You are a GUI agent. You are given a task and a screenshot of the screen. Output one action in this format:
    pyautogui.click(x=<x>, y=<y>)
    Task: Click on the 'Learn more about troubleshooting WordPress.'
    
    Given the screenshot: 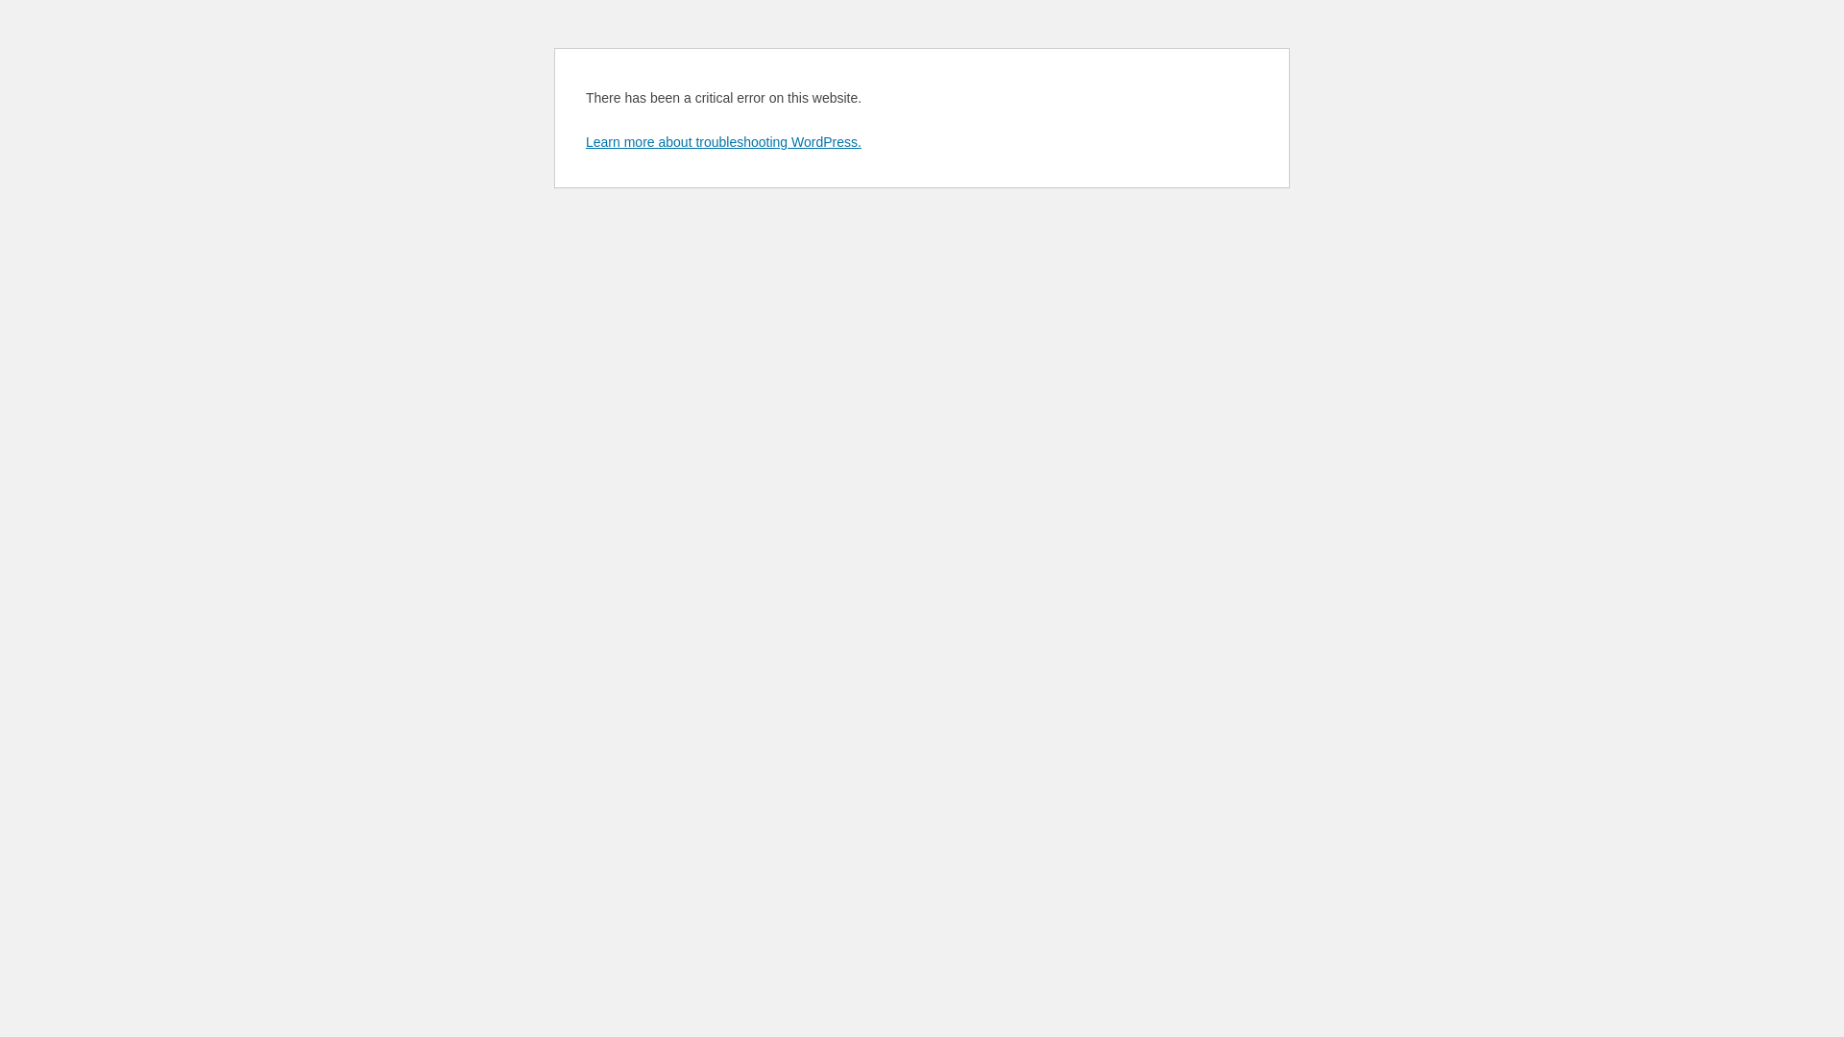 What is the action you would take?
    pyautogui.click(x=722, y=140)
    